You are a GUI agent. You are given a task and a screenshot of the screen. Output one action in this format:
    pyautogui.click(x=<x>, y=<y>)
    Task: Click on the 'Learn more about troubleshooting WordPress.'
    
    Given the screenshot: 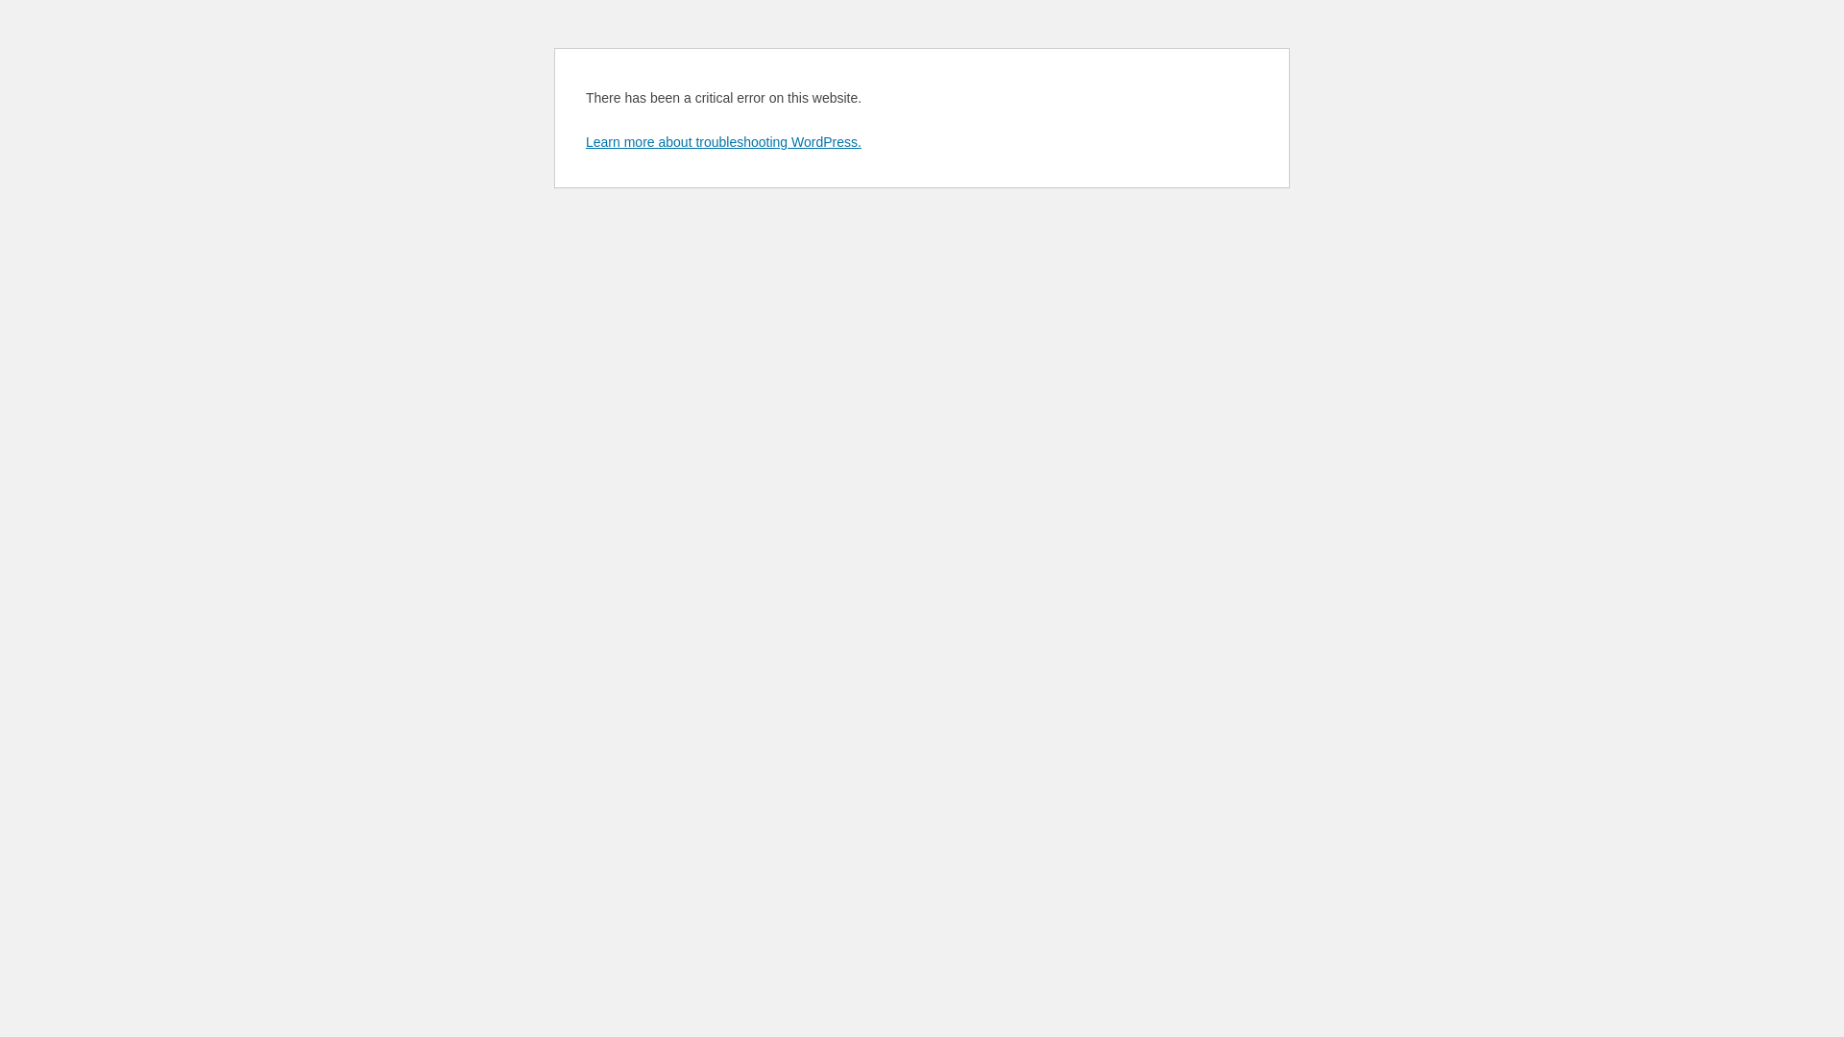 What is the action you would take?
    pyautogui.click(x=722, y=140)
    